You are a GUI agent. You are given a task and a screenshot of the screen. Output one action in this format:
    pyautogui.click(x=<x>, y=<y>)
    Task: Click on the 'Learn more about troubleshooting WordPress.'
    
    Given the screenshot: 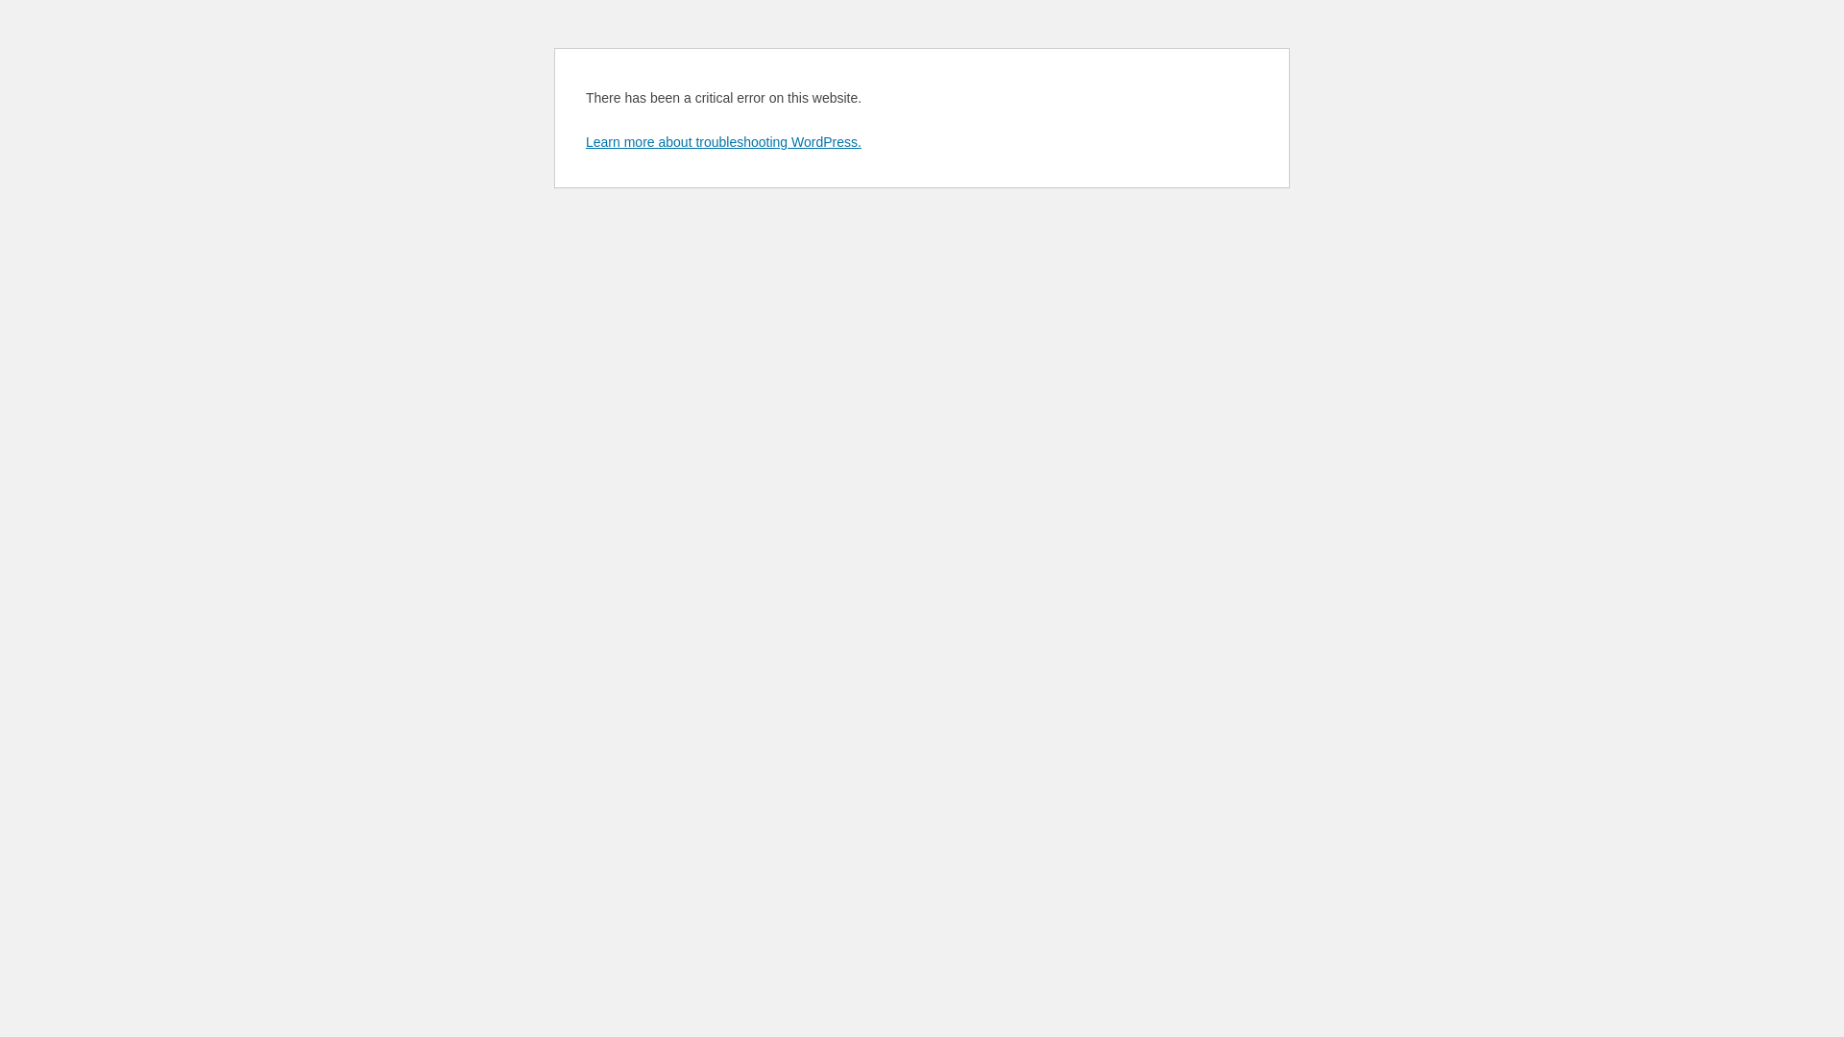 What is the action you would take?
    pyautogui.click(x=722, y=140)
    